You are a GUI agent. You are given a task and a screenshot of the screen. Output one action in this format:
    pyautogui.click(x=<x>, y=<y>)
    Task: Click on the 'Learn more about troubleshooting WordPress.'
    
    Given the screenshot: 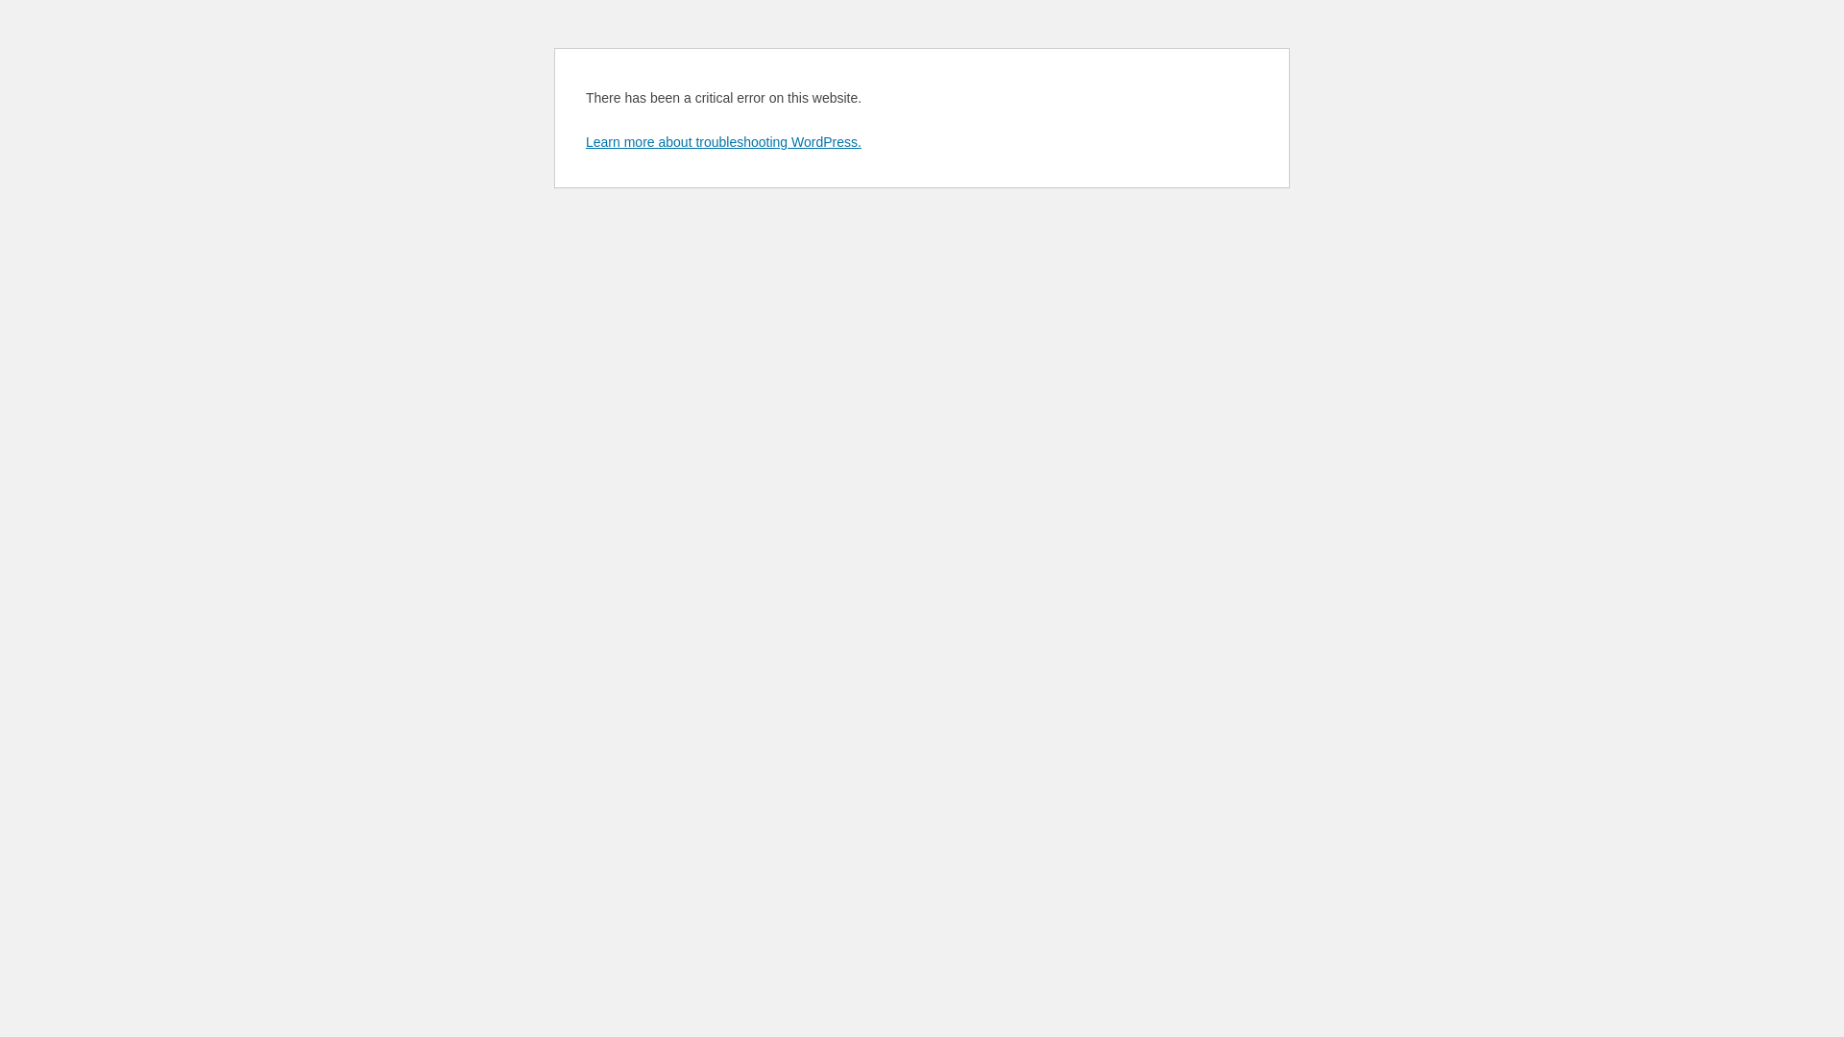 What is the action you would take?
    pyautogui.click(x=722, y=140)
    